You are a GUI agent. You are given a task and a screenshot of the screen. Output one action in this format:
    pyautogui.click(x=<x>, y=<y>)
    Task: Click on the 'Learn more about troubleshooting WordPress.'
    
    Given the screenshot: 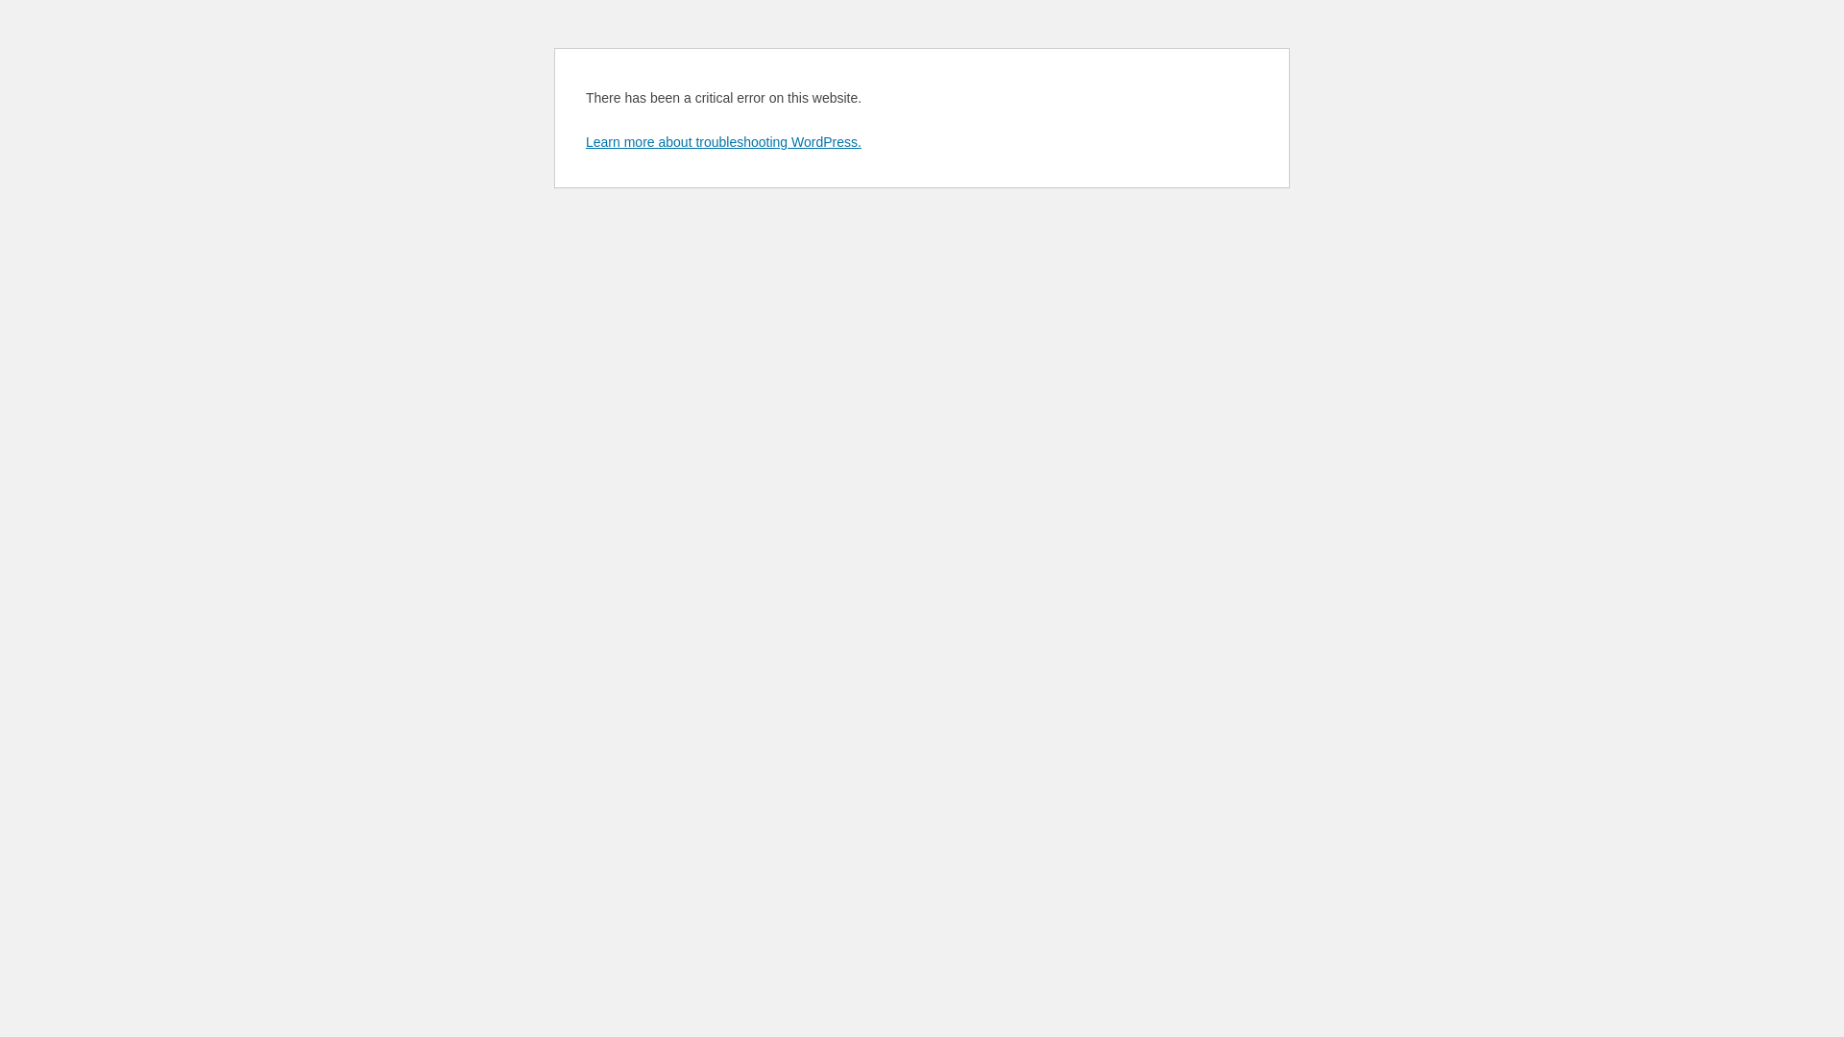 What is the action you would take?
    pyautogui.click(x=722, y=140)
    